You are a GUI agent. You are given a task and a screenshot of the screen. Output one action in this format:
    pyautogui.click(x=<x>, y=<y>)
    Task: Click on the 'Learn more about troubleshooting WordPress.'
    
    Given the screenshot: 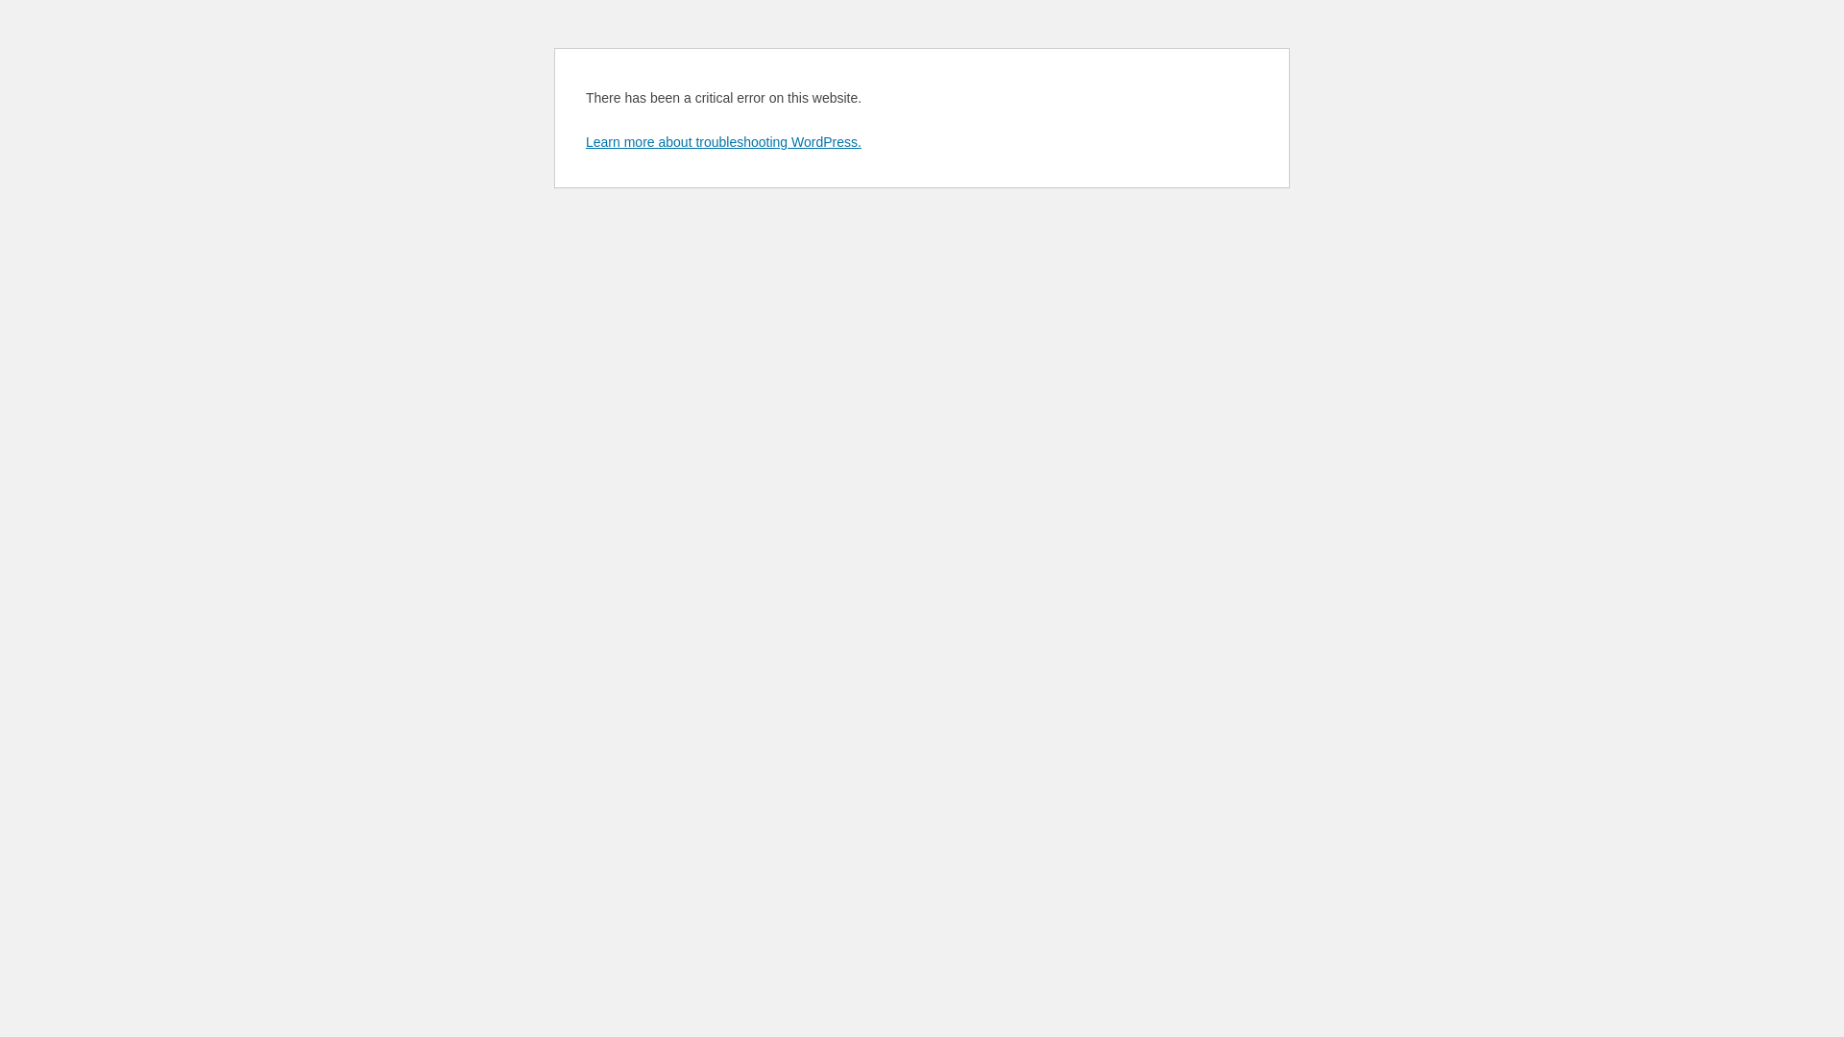 What is the action you would take?
    pyautogui.click(x=722, y=140)
    